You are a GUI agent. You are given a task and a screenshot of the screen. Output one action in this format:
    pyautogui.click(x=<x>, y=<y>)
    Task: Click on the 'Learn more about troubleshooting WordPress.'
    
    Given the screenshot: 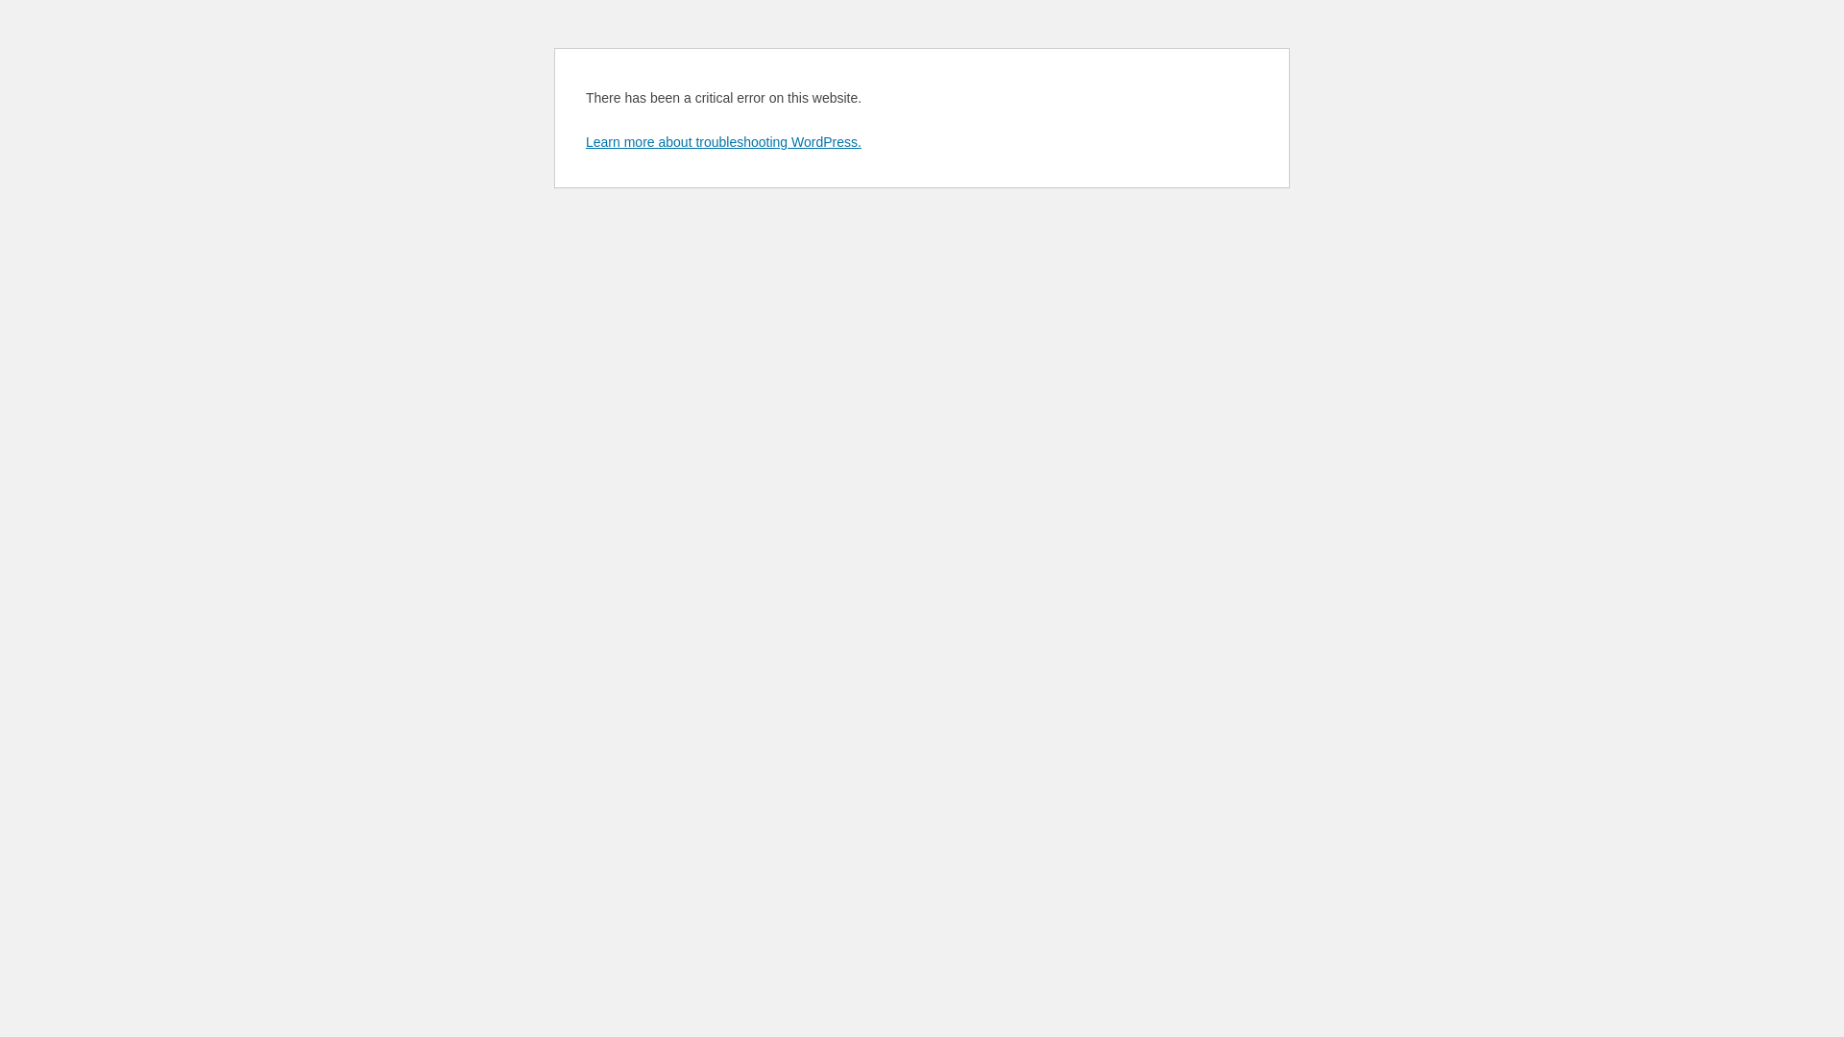 What is the action you would take?
    pyautogui.click(x=722, y=140)
    